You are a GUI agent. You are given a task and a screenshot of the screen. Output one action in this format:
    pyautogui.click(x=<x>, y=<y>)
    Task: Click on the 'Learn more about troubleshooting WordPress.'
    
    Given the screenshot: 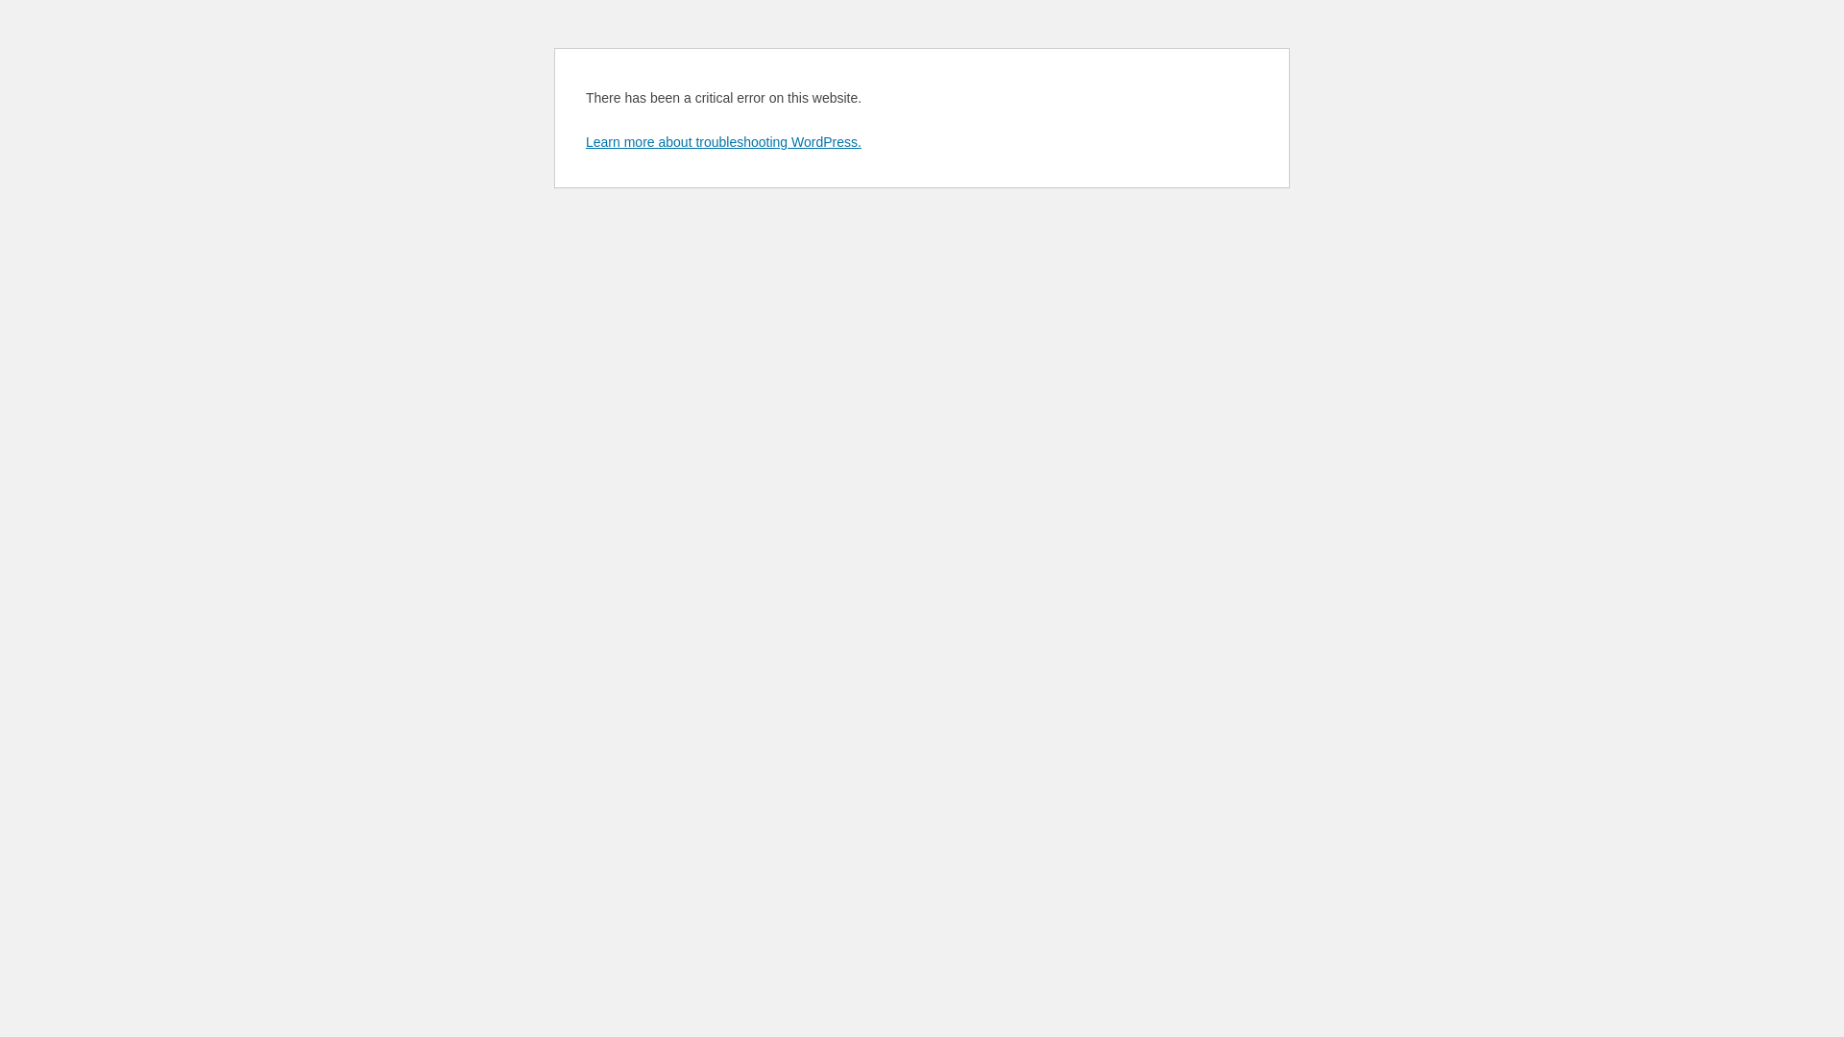 What is the action you would take?
    pyautogui.click(x=722, y=140)
    